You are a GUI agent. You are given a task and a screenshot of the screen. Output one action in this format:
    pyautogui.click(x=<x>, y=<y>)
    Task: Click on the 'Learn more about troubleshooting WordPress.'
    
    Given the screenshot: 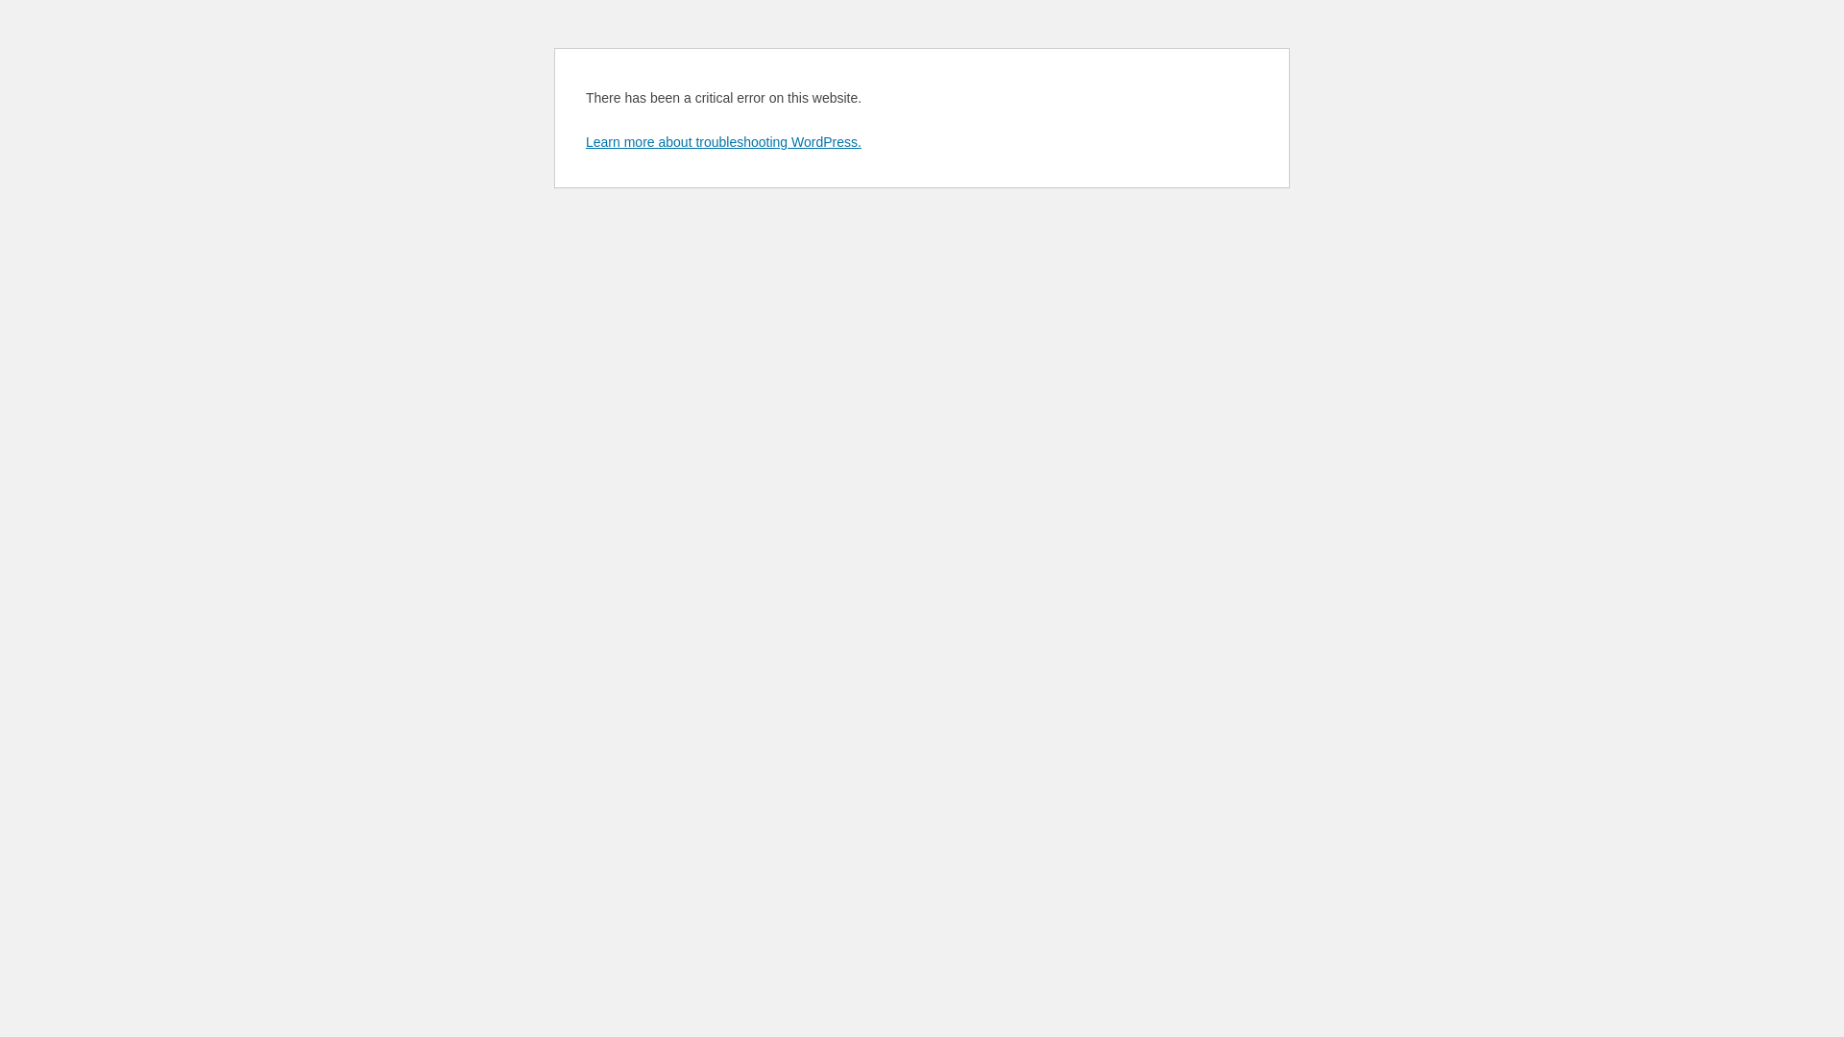 What is the action you would take?
    pyautogui.click(x=722, y=140)
    